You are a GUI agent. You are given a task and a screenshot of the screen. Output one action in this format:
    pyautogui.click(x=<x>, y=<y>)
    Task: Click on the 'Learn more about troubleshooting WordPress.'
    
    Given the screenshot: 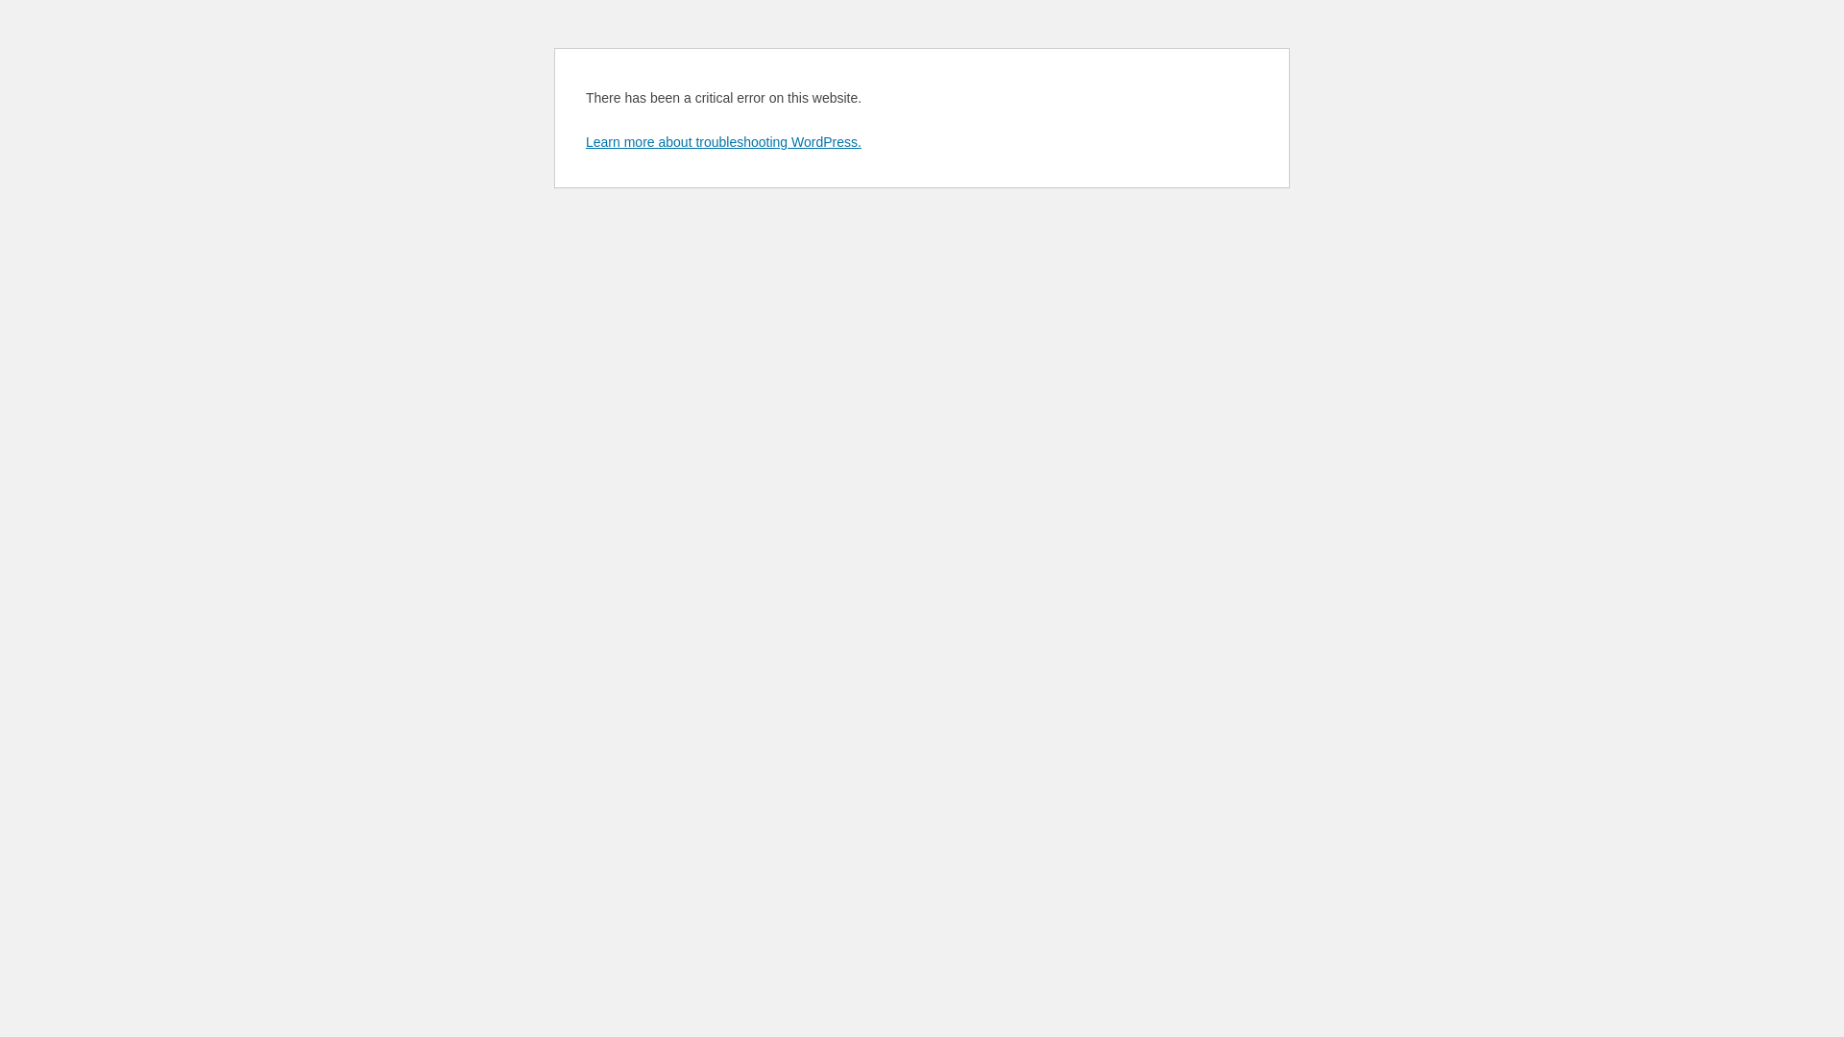 What is the action you would take?
    pyautogui.click(x=722, y=140)
    